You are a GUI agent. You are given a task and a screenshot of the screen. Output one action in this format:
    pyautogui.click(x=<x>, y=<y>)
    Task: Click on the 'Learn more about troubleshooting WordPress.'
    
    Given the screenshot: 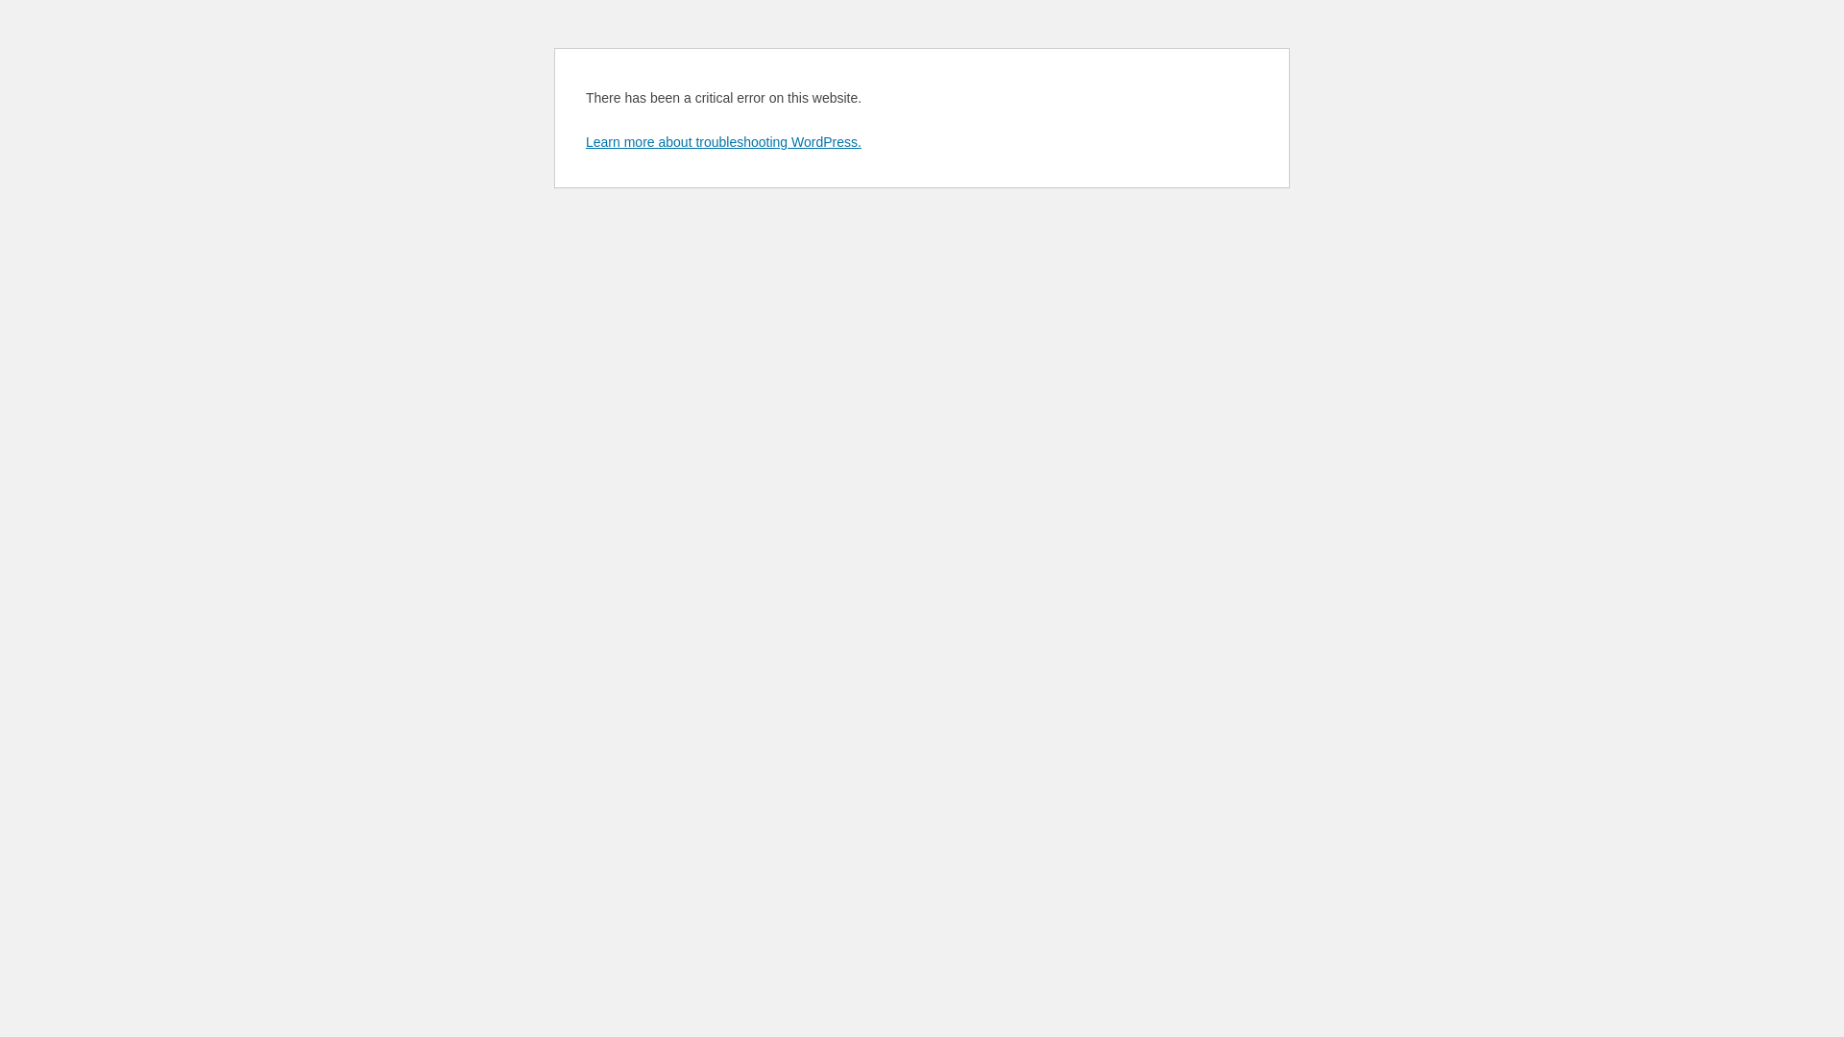 What is the action you would take?
    pyautogui.click(x=722, y=140)
    